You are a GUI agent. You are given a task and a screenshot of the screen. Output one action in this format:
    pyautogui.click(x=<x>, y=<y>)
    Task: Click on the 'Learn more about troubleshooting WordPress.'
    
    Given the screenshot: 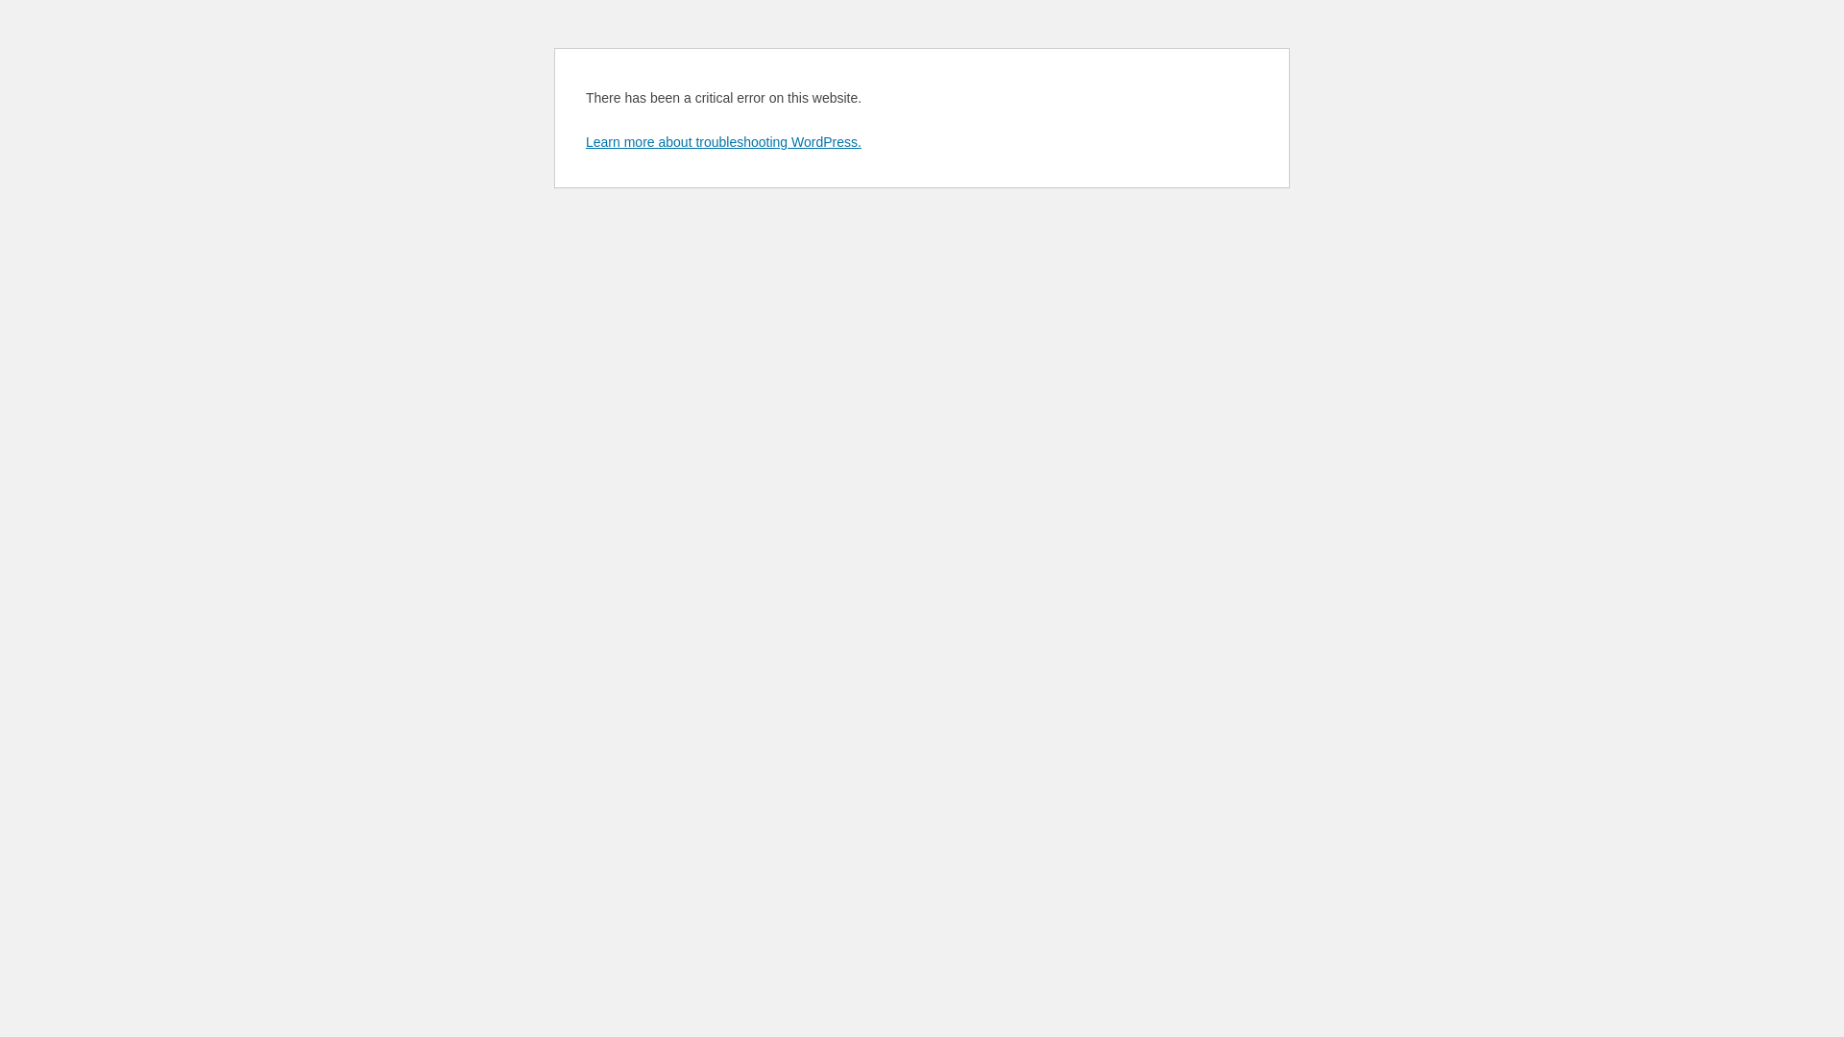 What is the action you would take?
    pyautogui.click(x=722, y=140)
    